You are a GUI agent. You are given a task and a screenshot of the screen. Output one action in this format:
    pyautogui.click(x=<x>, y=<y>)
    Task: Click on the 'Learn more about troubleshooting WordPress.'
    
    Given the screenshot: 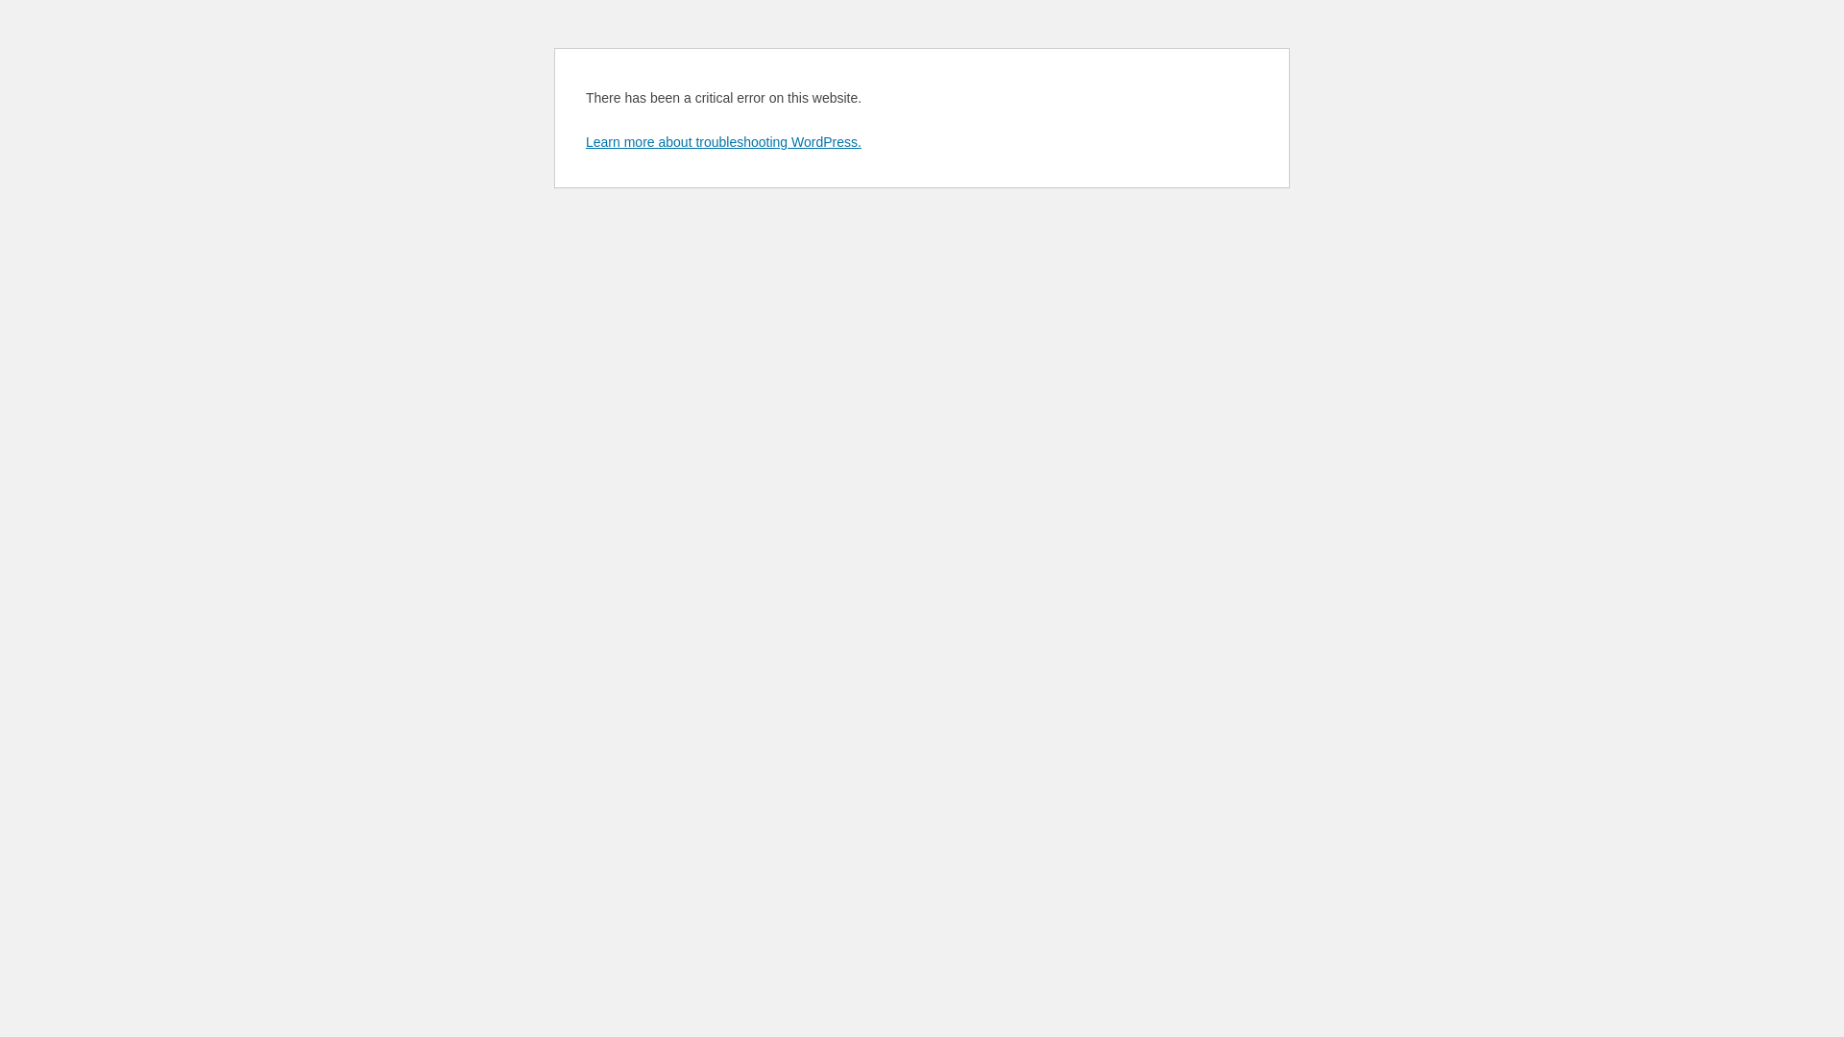 What is the action you would take?
    pyautogui.click(x=722, y=140)
    